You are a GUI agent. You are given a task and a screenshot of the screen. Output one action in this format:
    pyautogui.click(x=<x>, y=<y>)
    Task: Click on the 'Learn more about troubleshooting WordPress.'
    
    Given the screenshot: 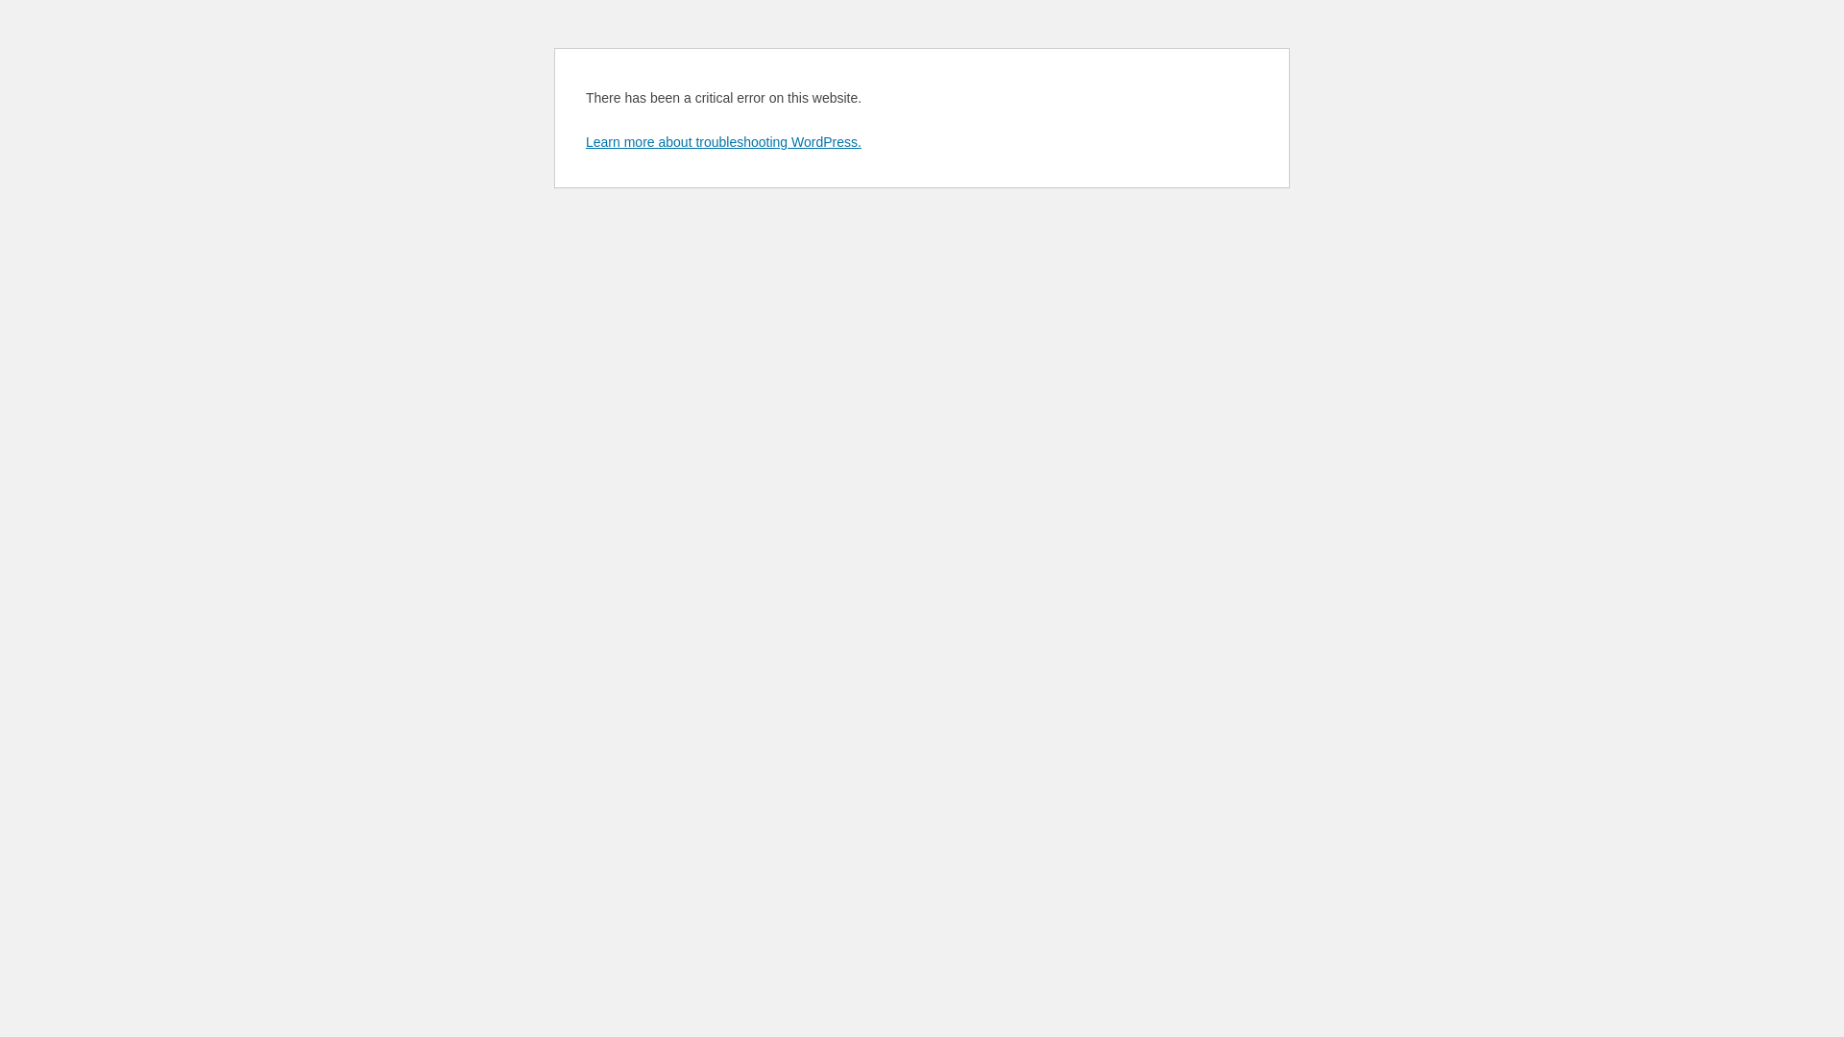 What is the action you would take?
    pyautogui.click(x=722, y=140)
    